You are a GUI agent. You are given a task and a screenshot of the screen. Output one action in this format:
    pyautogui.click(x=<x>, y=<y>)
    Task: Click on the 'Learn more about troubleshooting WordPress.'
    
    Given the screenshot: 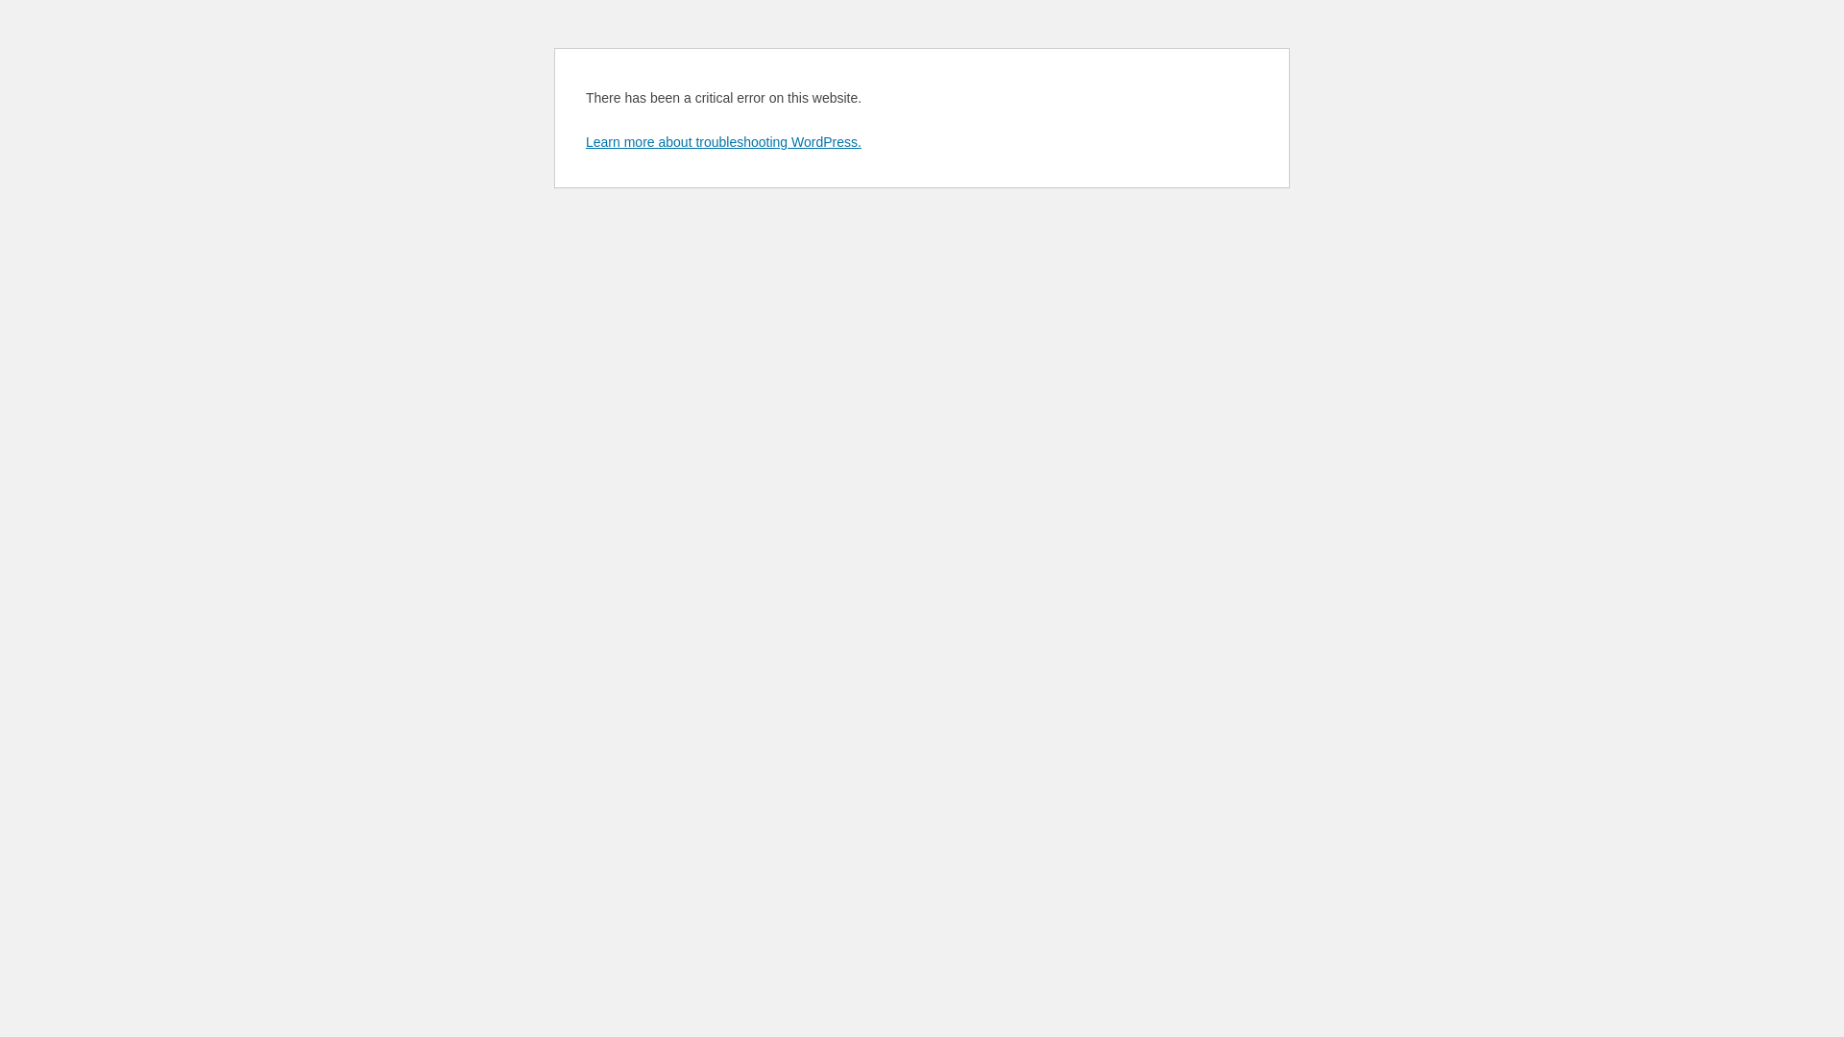 What is the action you would take?
    pyautogui.click(x=722, y=140)
    